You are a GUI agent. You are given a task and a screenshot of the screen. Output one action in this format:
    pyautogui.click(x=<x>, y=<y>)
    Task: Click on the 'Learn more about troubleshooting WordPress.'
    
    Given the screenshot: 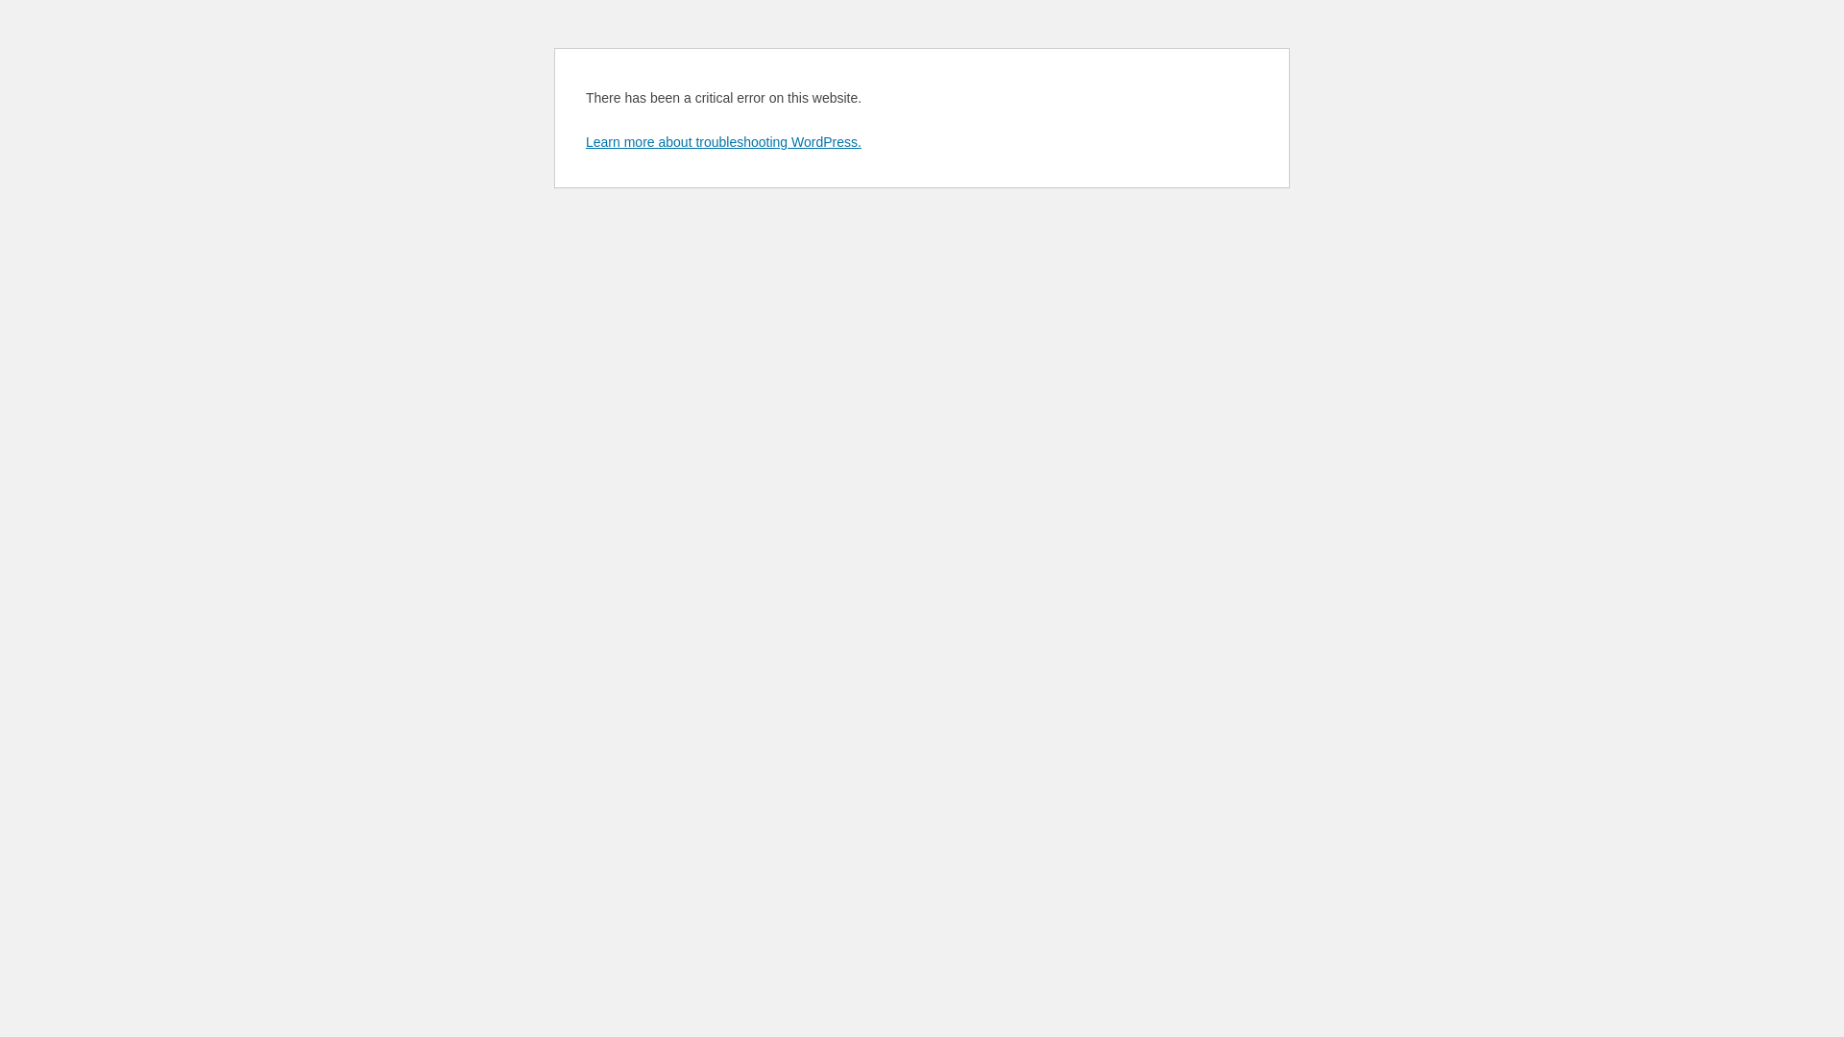 What is the action you would take?
    pyautogui.click(x=722, y=140)
    